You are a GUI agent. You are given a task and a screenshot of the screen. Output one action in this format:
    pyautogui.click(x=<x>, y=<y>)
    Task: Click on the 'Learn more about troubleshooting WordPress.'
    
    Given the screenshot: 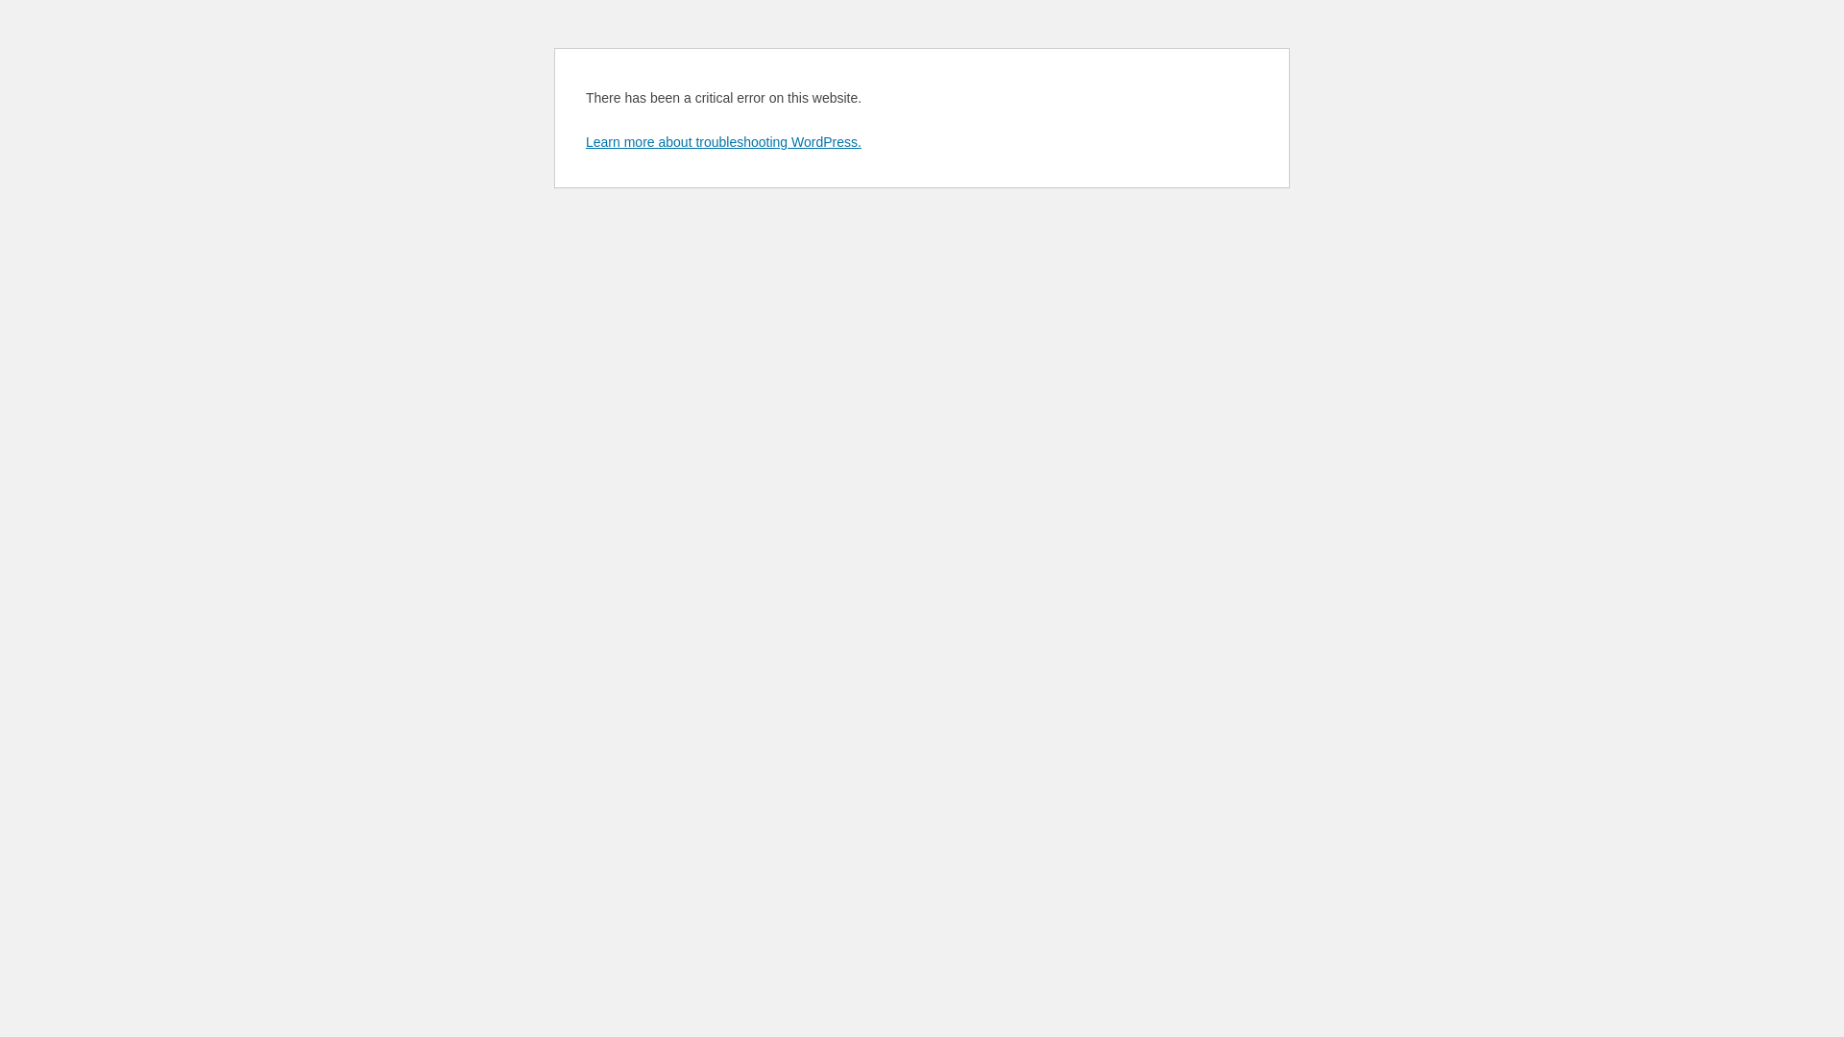 What is the action you would take?
    pyautogui.click(x=722, y=140)
    